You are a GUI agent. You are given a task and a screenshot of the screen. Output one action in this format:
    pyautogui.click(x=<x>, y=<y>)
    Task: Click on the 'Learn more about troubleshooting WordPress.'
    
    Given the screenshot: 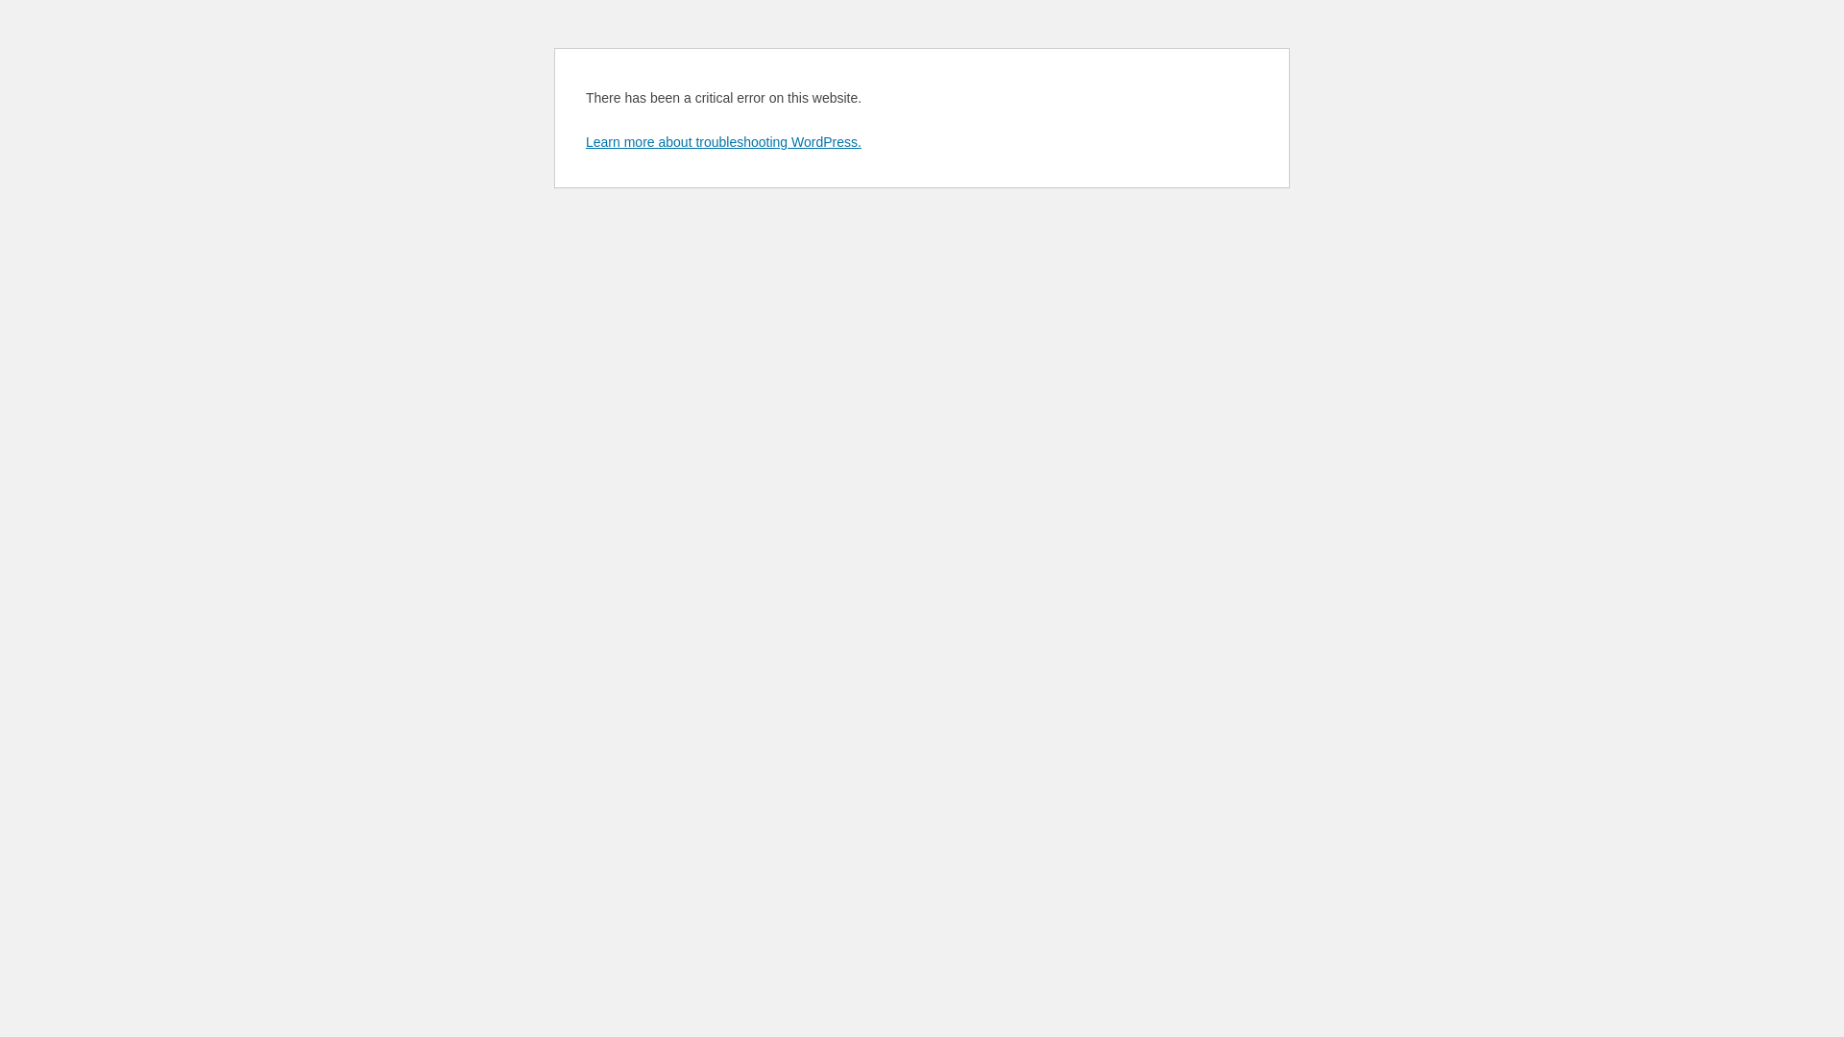 What is the action you would take?
    pyautogui.click(x=722, y=140)
    